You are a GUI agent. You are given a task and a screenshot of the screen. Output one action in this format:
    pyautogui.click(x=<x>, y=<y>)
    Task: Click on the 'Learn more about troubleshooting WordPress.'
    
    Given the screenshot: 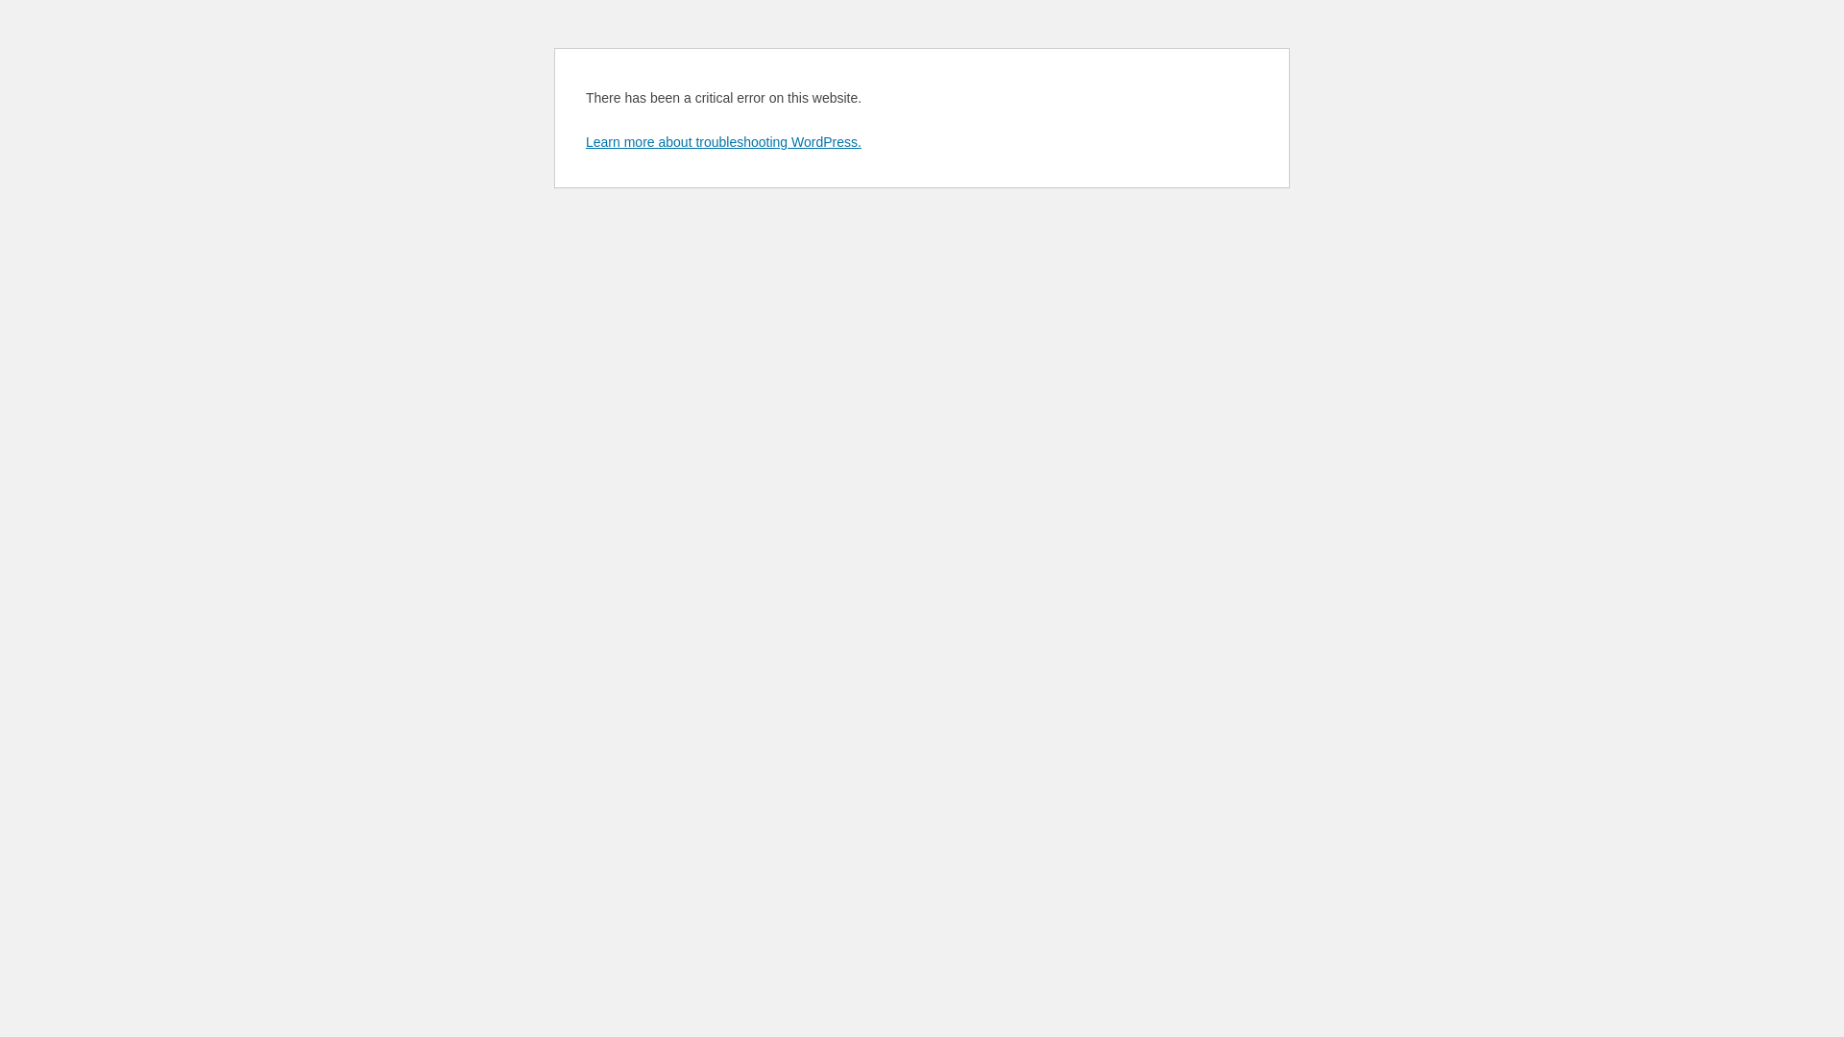 What is the action you would take?
    pyautogui.click(x=722, y=140)
    